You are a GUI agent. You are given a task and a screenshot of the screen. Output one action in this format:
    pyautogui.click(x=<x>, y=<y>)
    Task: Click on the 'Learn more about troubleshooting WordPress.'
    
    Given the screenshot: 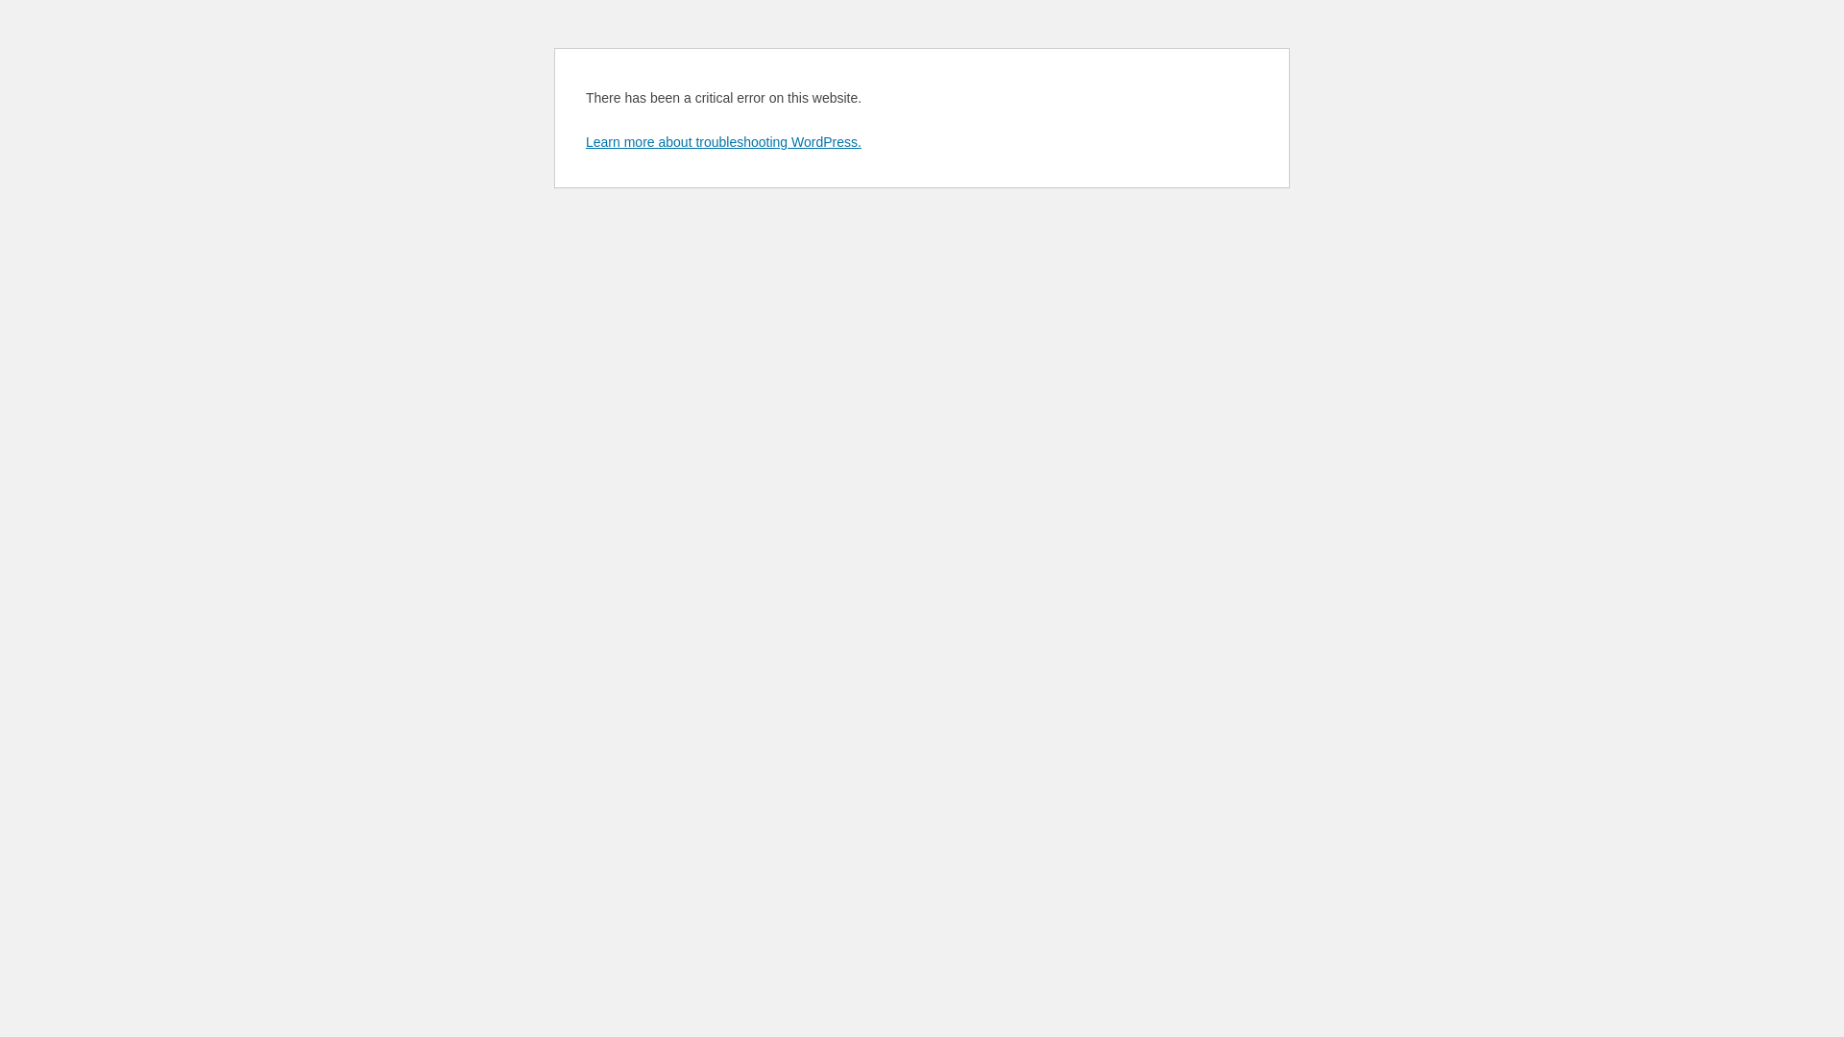 What is the action you would take?
    pyautogui.click(x=722, y=140)
    